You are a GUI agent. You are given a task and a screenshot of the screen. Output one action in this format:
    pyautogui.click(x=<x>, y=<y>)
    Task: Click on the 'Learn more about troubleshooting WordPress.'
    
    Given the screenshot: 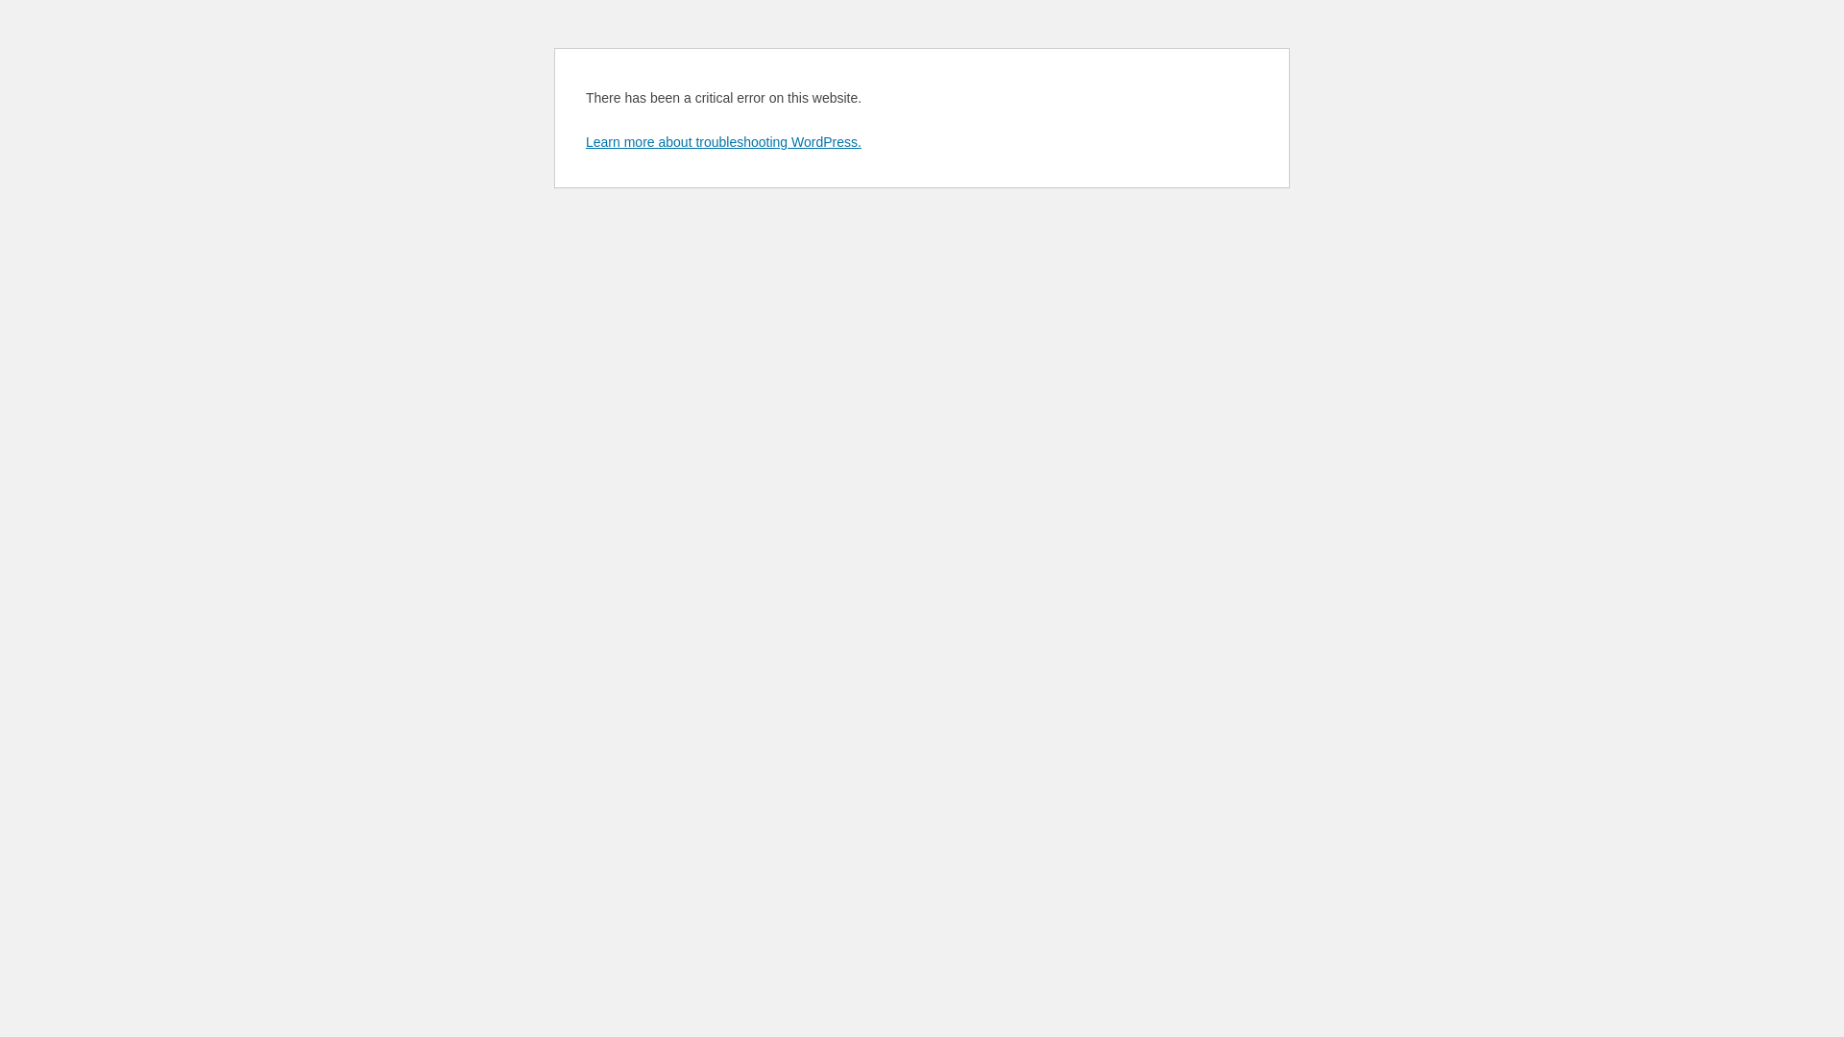 What is the action you would take?
    pyautogui.click(x=722, y=140)
    